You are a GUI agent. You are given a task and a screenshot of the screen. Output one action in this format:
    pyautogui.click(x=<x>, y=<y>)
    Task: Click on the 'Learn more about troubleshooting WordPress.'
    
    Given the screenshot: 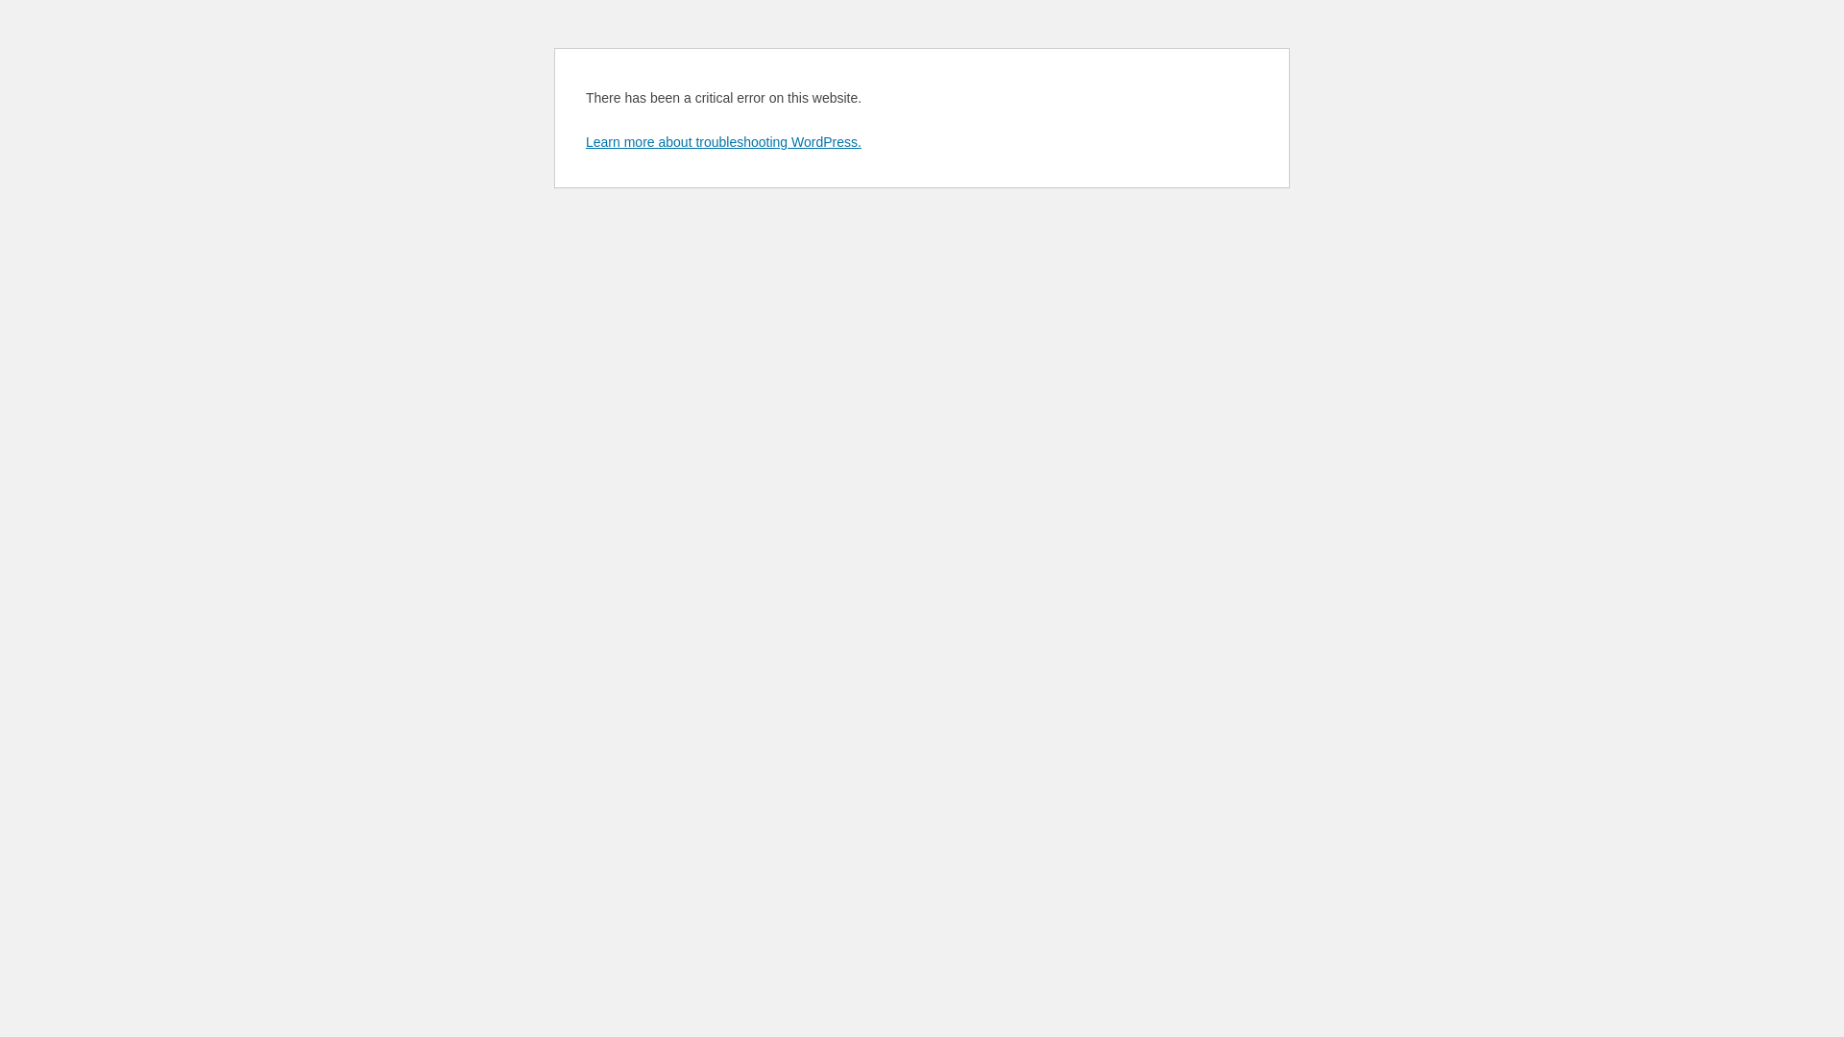 What is the action you would take?
    pyautogui.click(x=722, y=140)
    